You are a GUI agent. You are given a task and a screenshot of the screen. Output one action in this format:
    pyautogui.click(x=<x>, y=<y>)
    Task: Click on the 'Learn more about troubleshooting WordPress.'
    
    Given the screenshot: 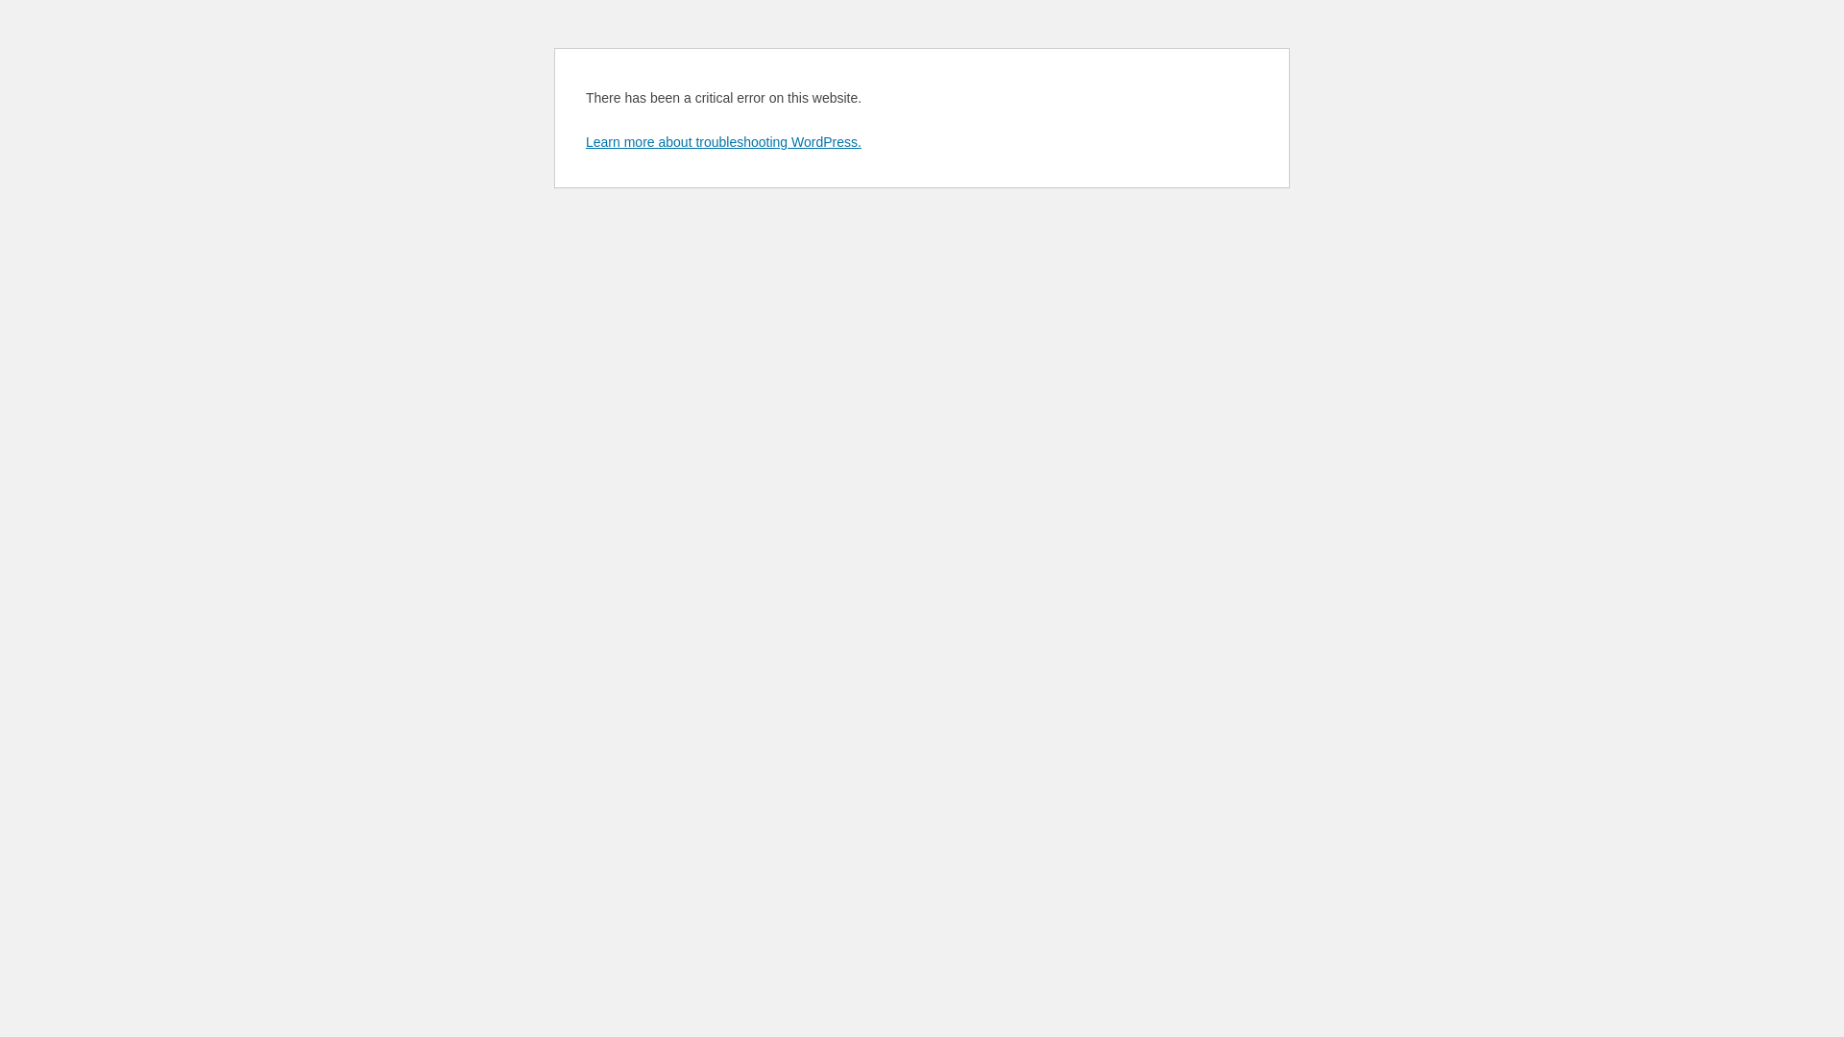 What is the action you would take?
    pyautogui.click(x=722, y=140)
    